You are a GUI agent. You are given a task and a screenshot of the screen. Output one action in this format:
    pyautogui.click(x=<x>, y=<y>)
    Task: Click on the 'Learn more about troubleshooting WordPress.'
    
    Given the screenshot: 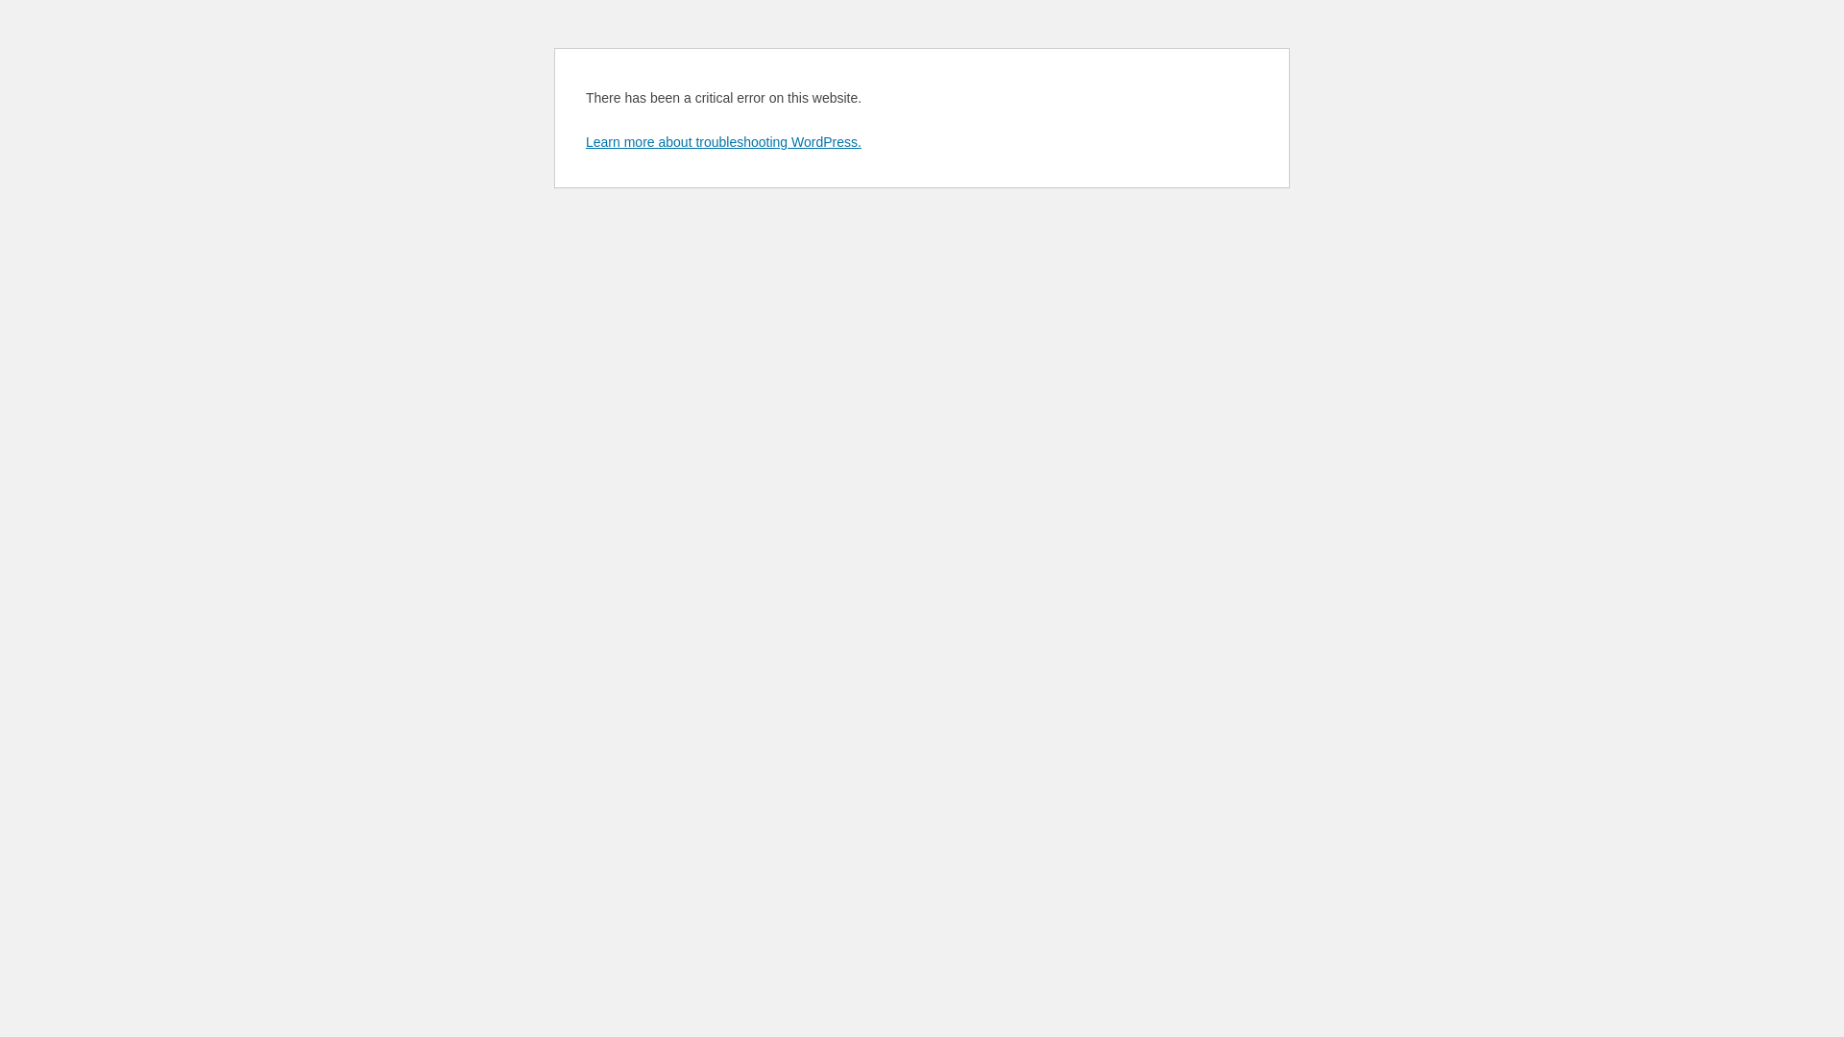 What is the action you would take?
    pyautogui.click(x=722, y=140)
    